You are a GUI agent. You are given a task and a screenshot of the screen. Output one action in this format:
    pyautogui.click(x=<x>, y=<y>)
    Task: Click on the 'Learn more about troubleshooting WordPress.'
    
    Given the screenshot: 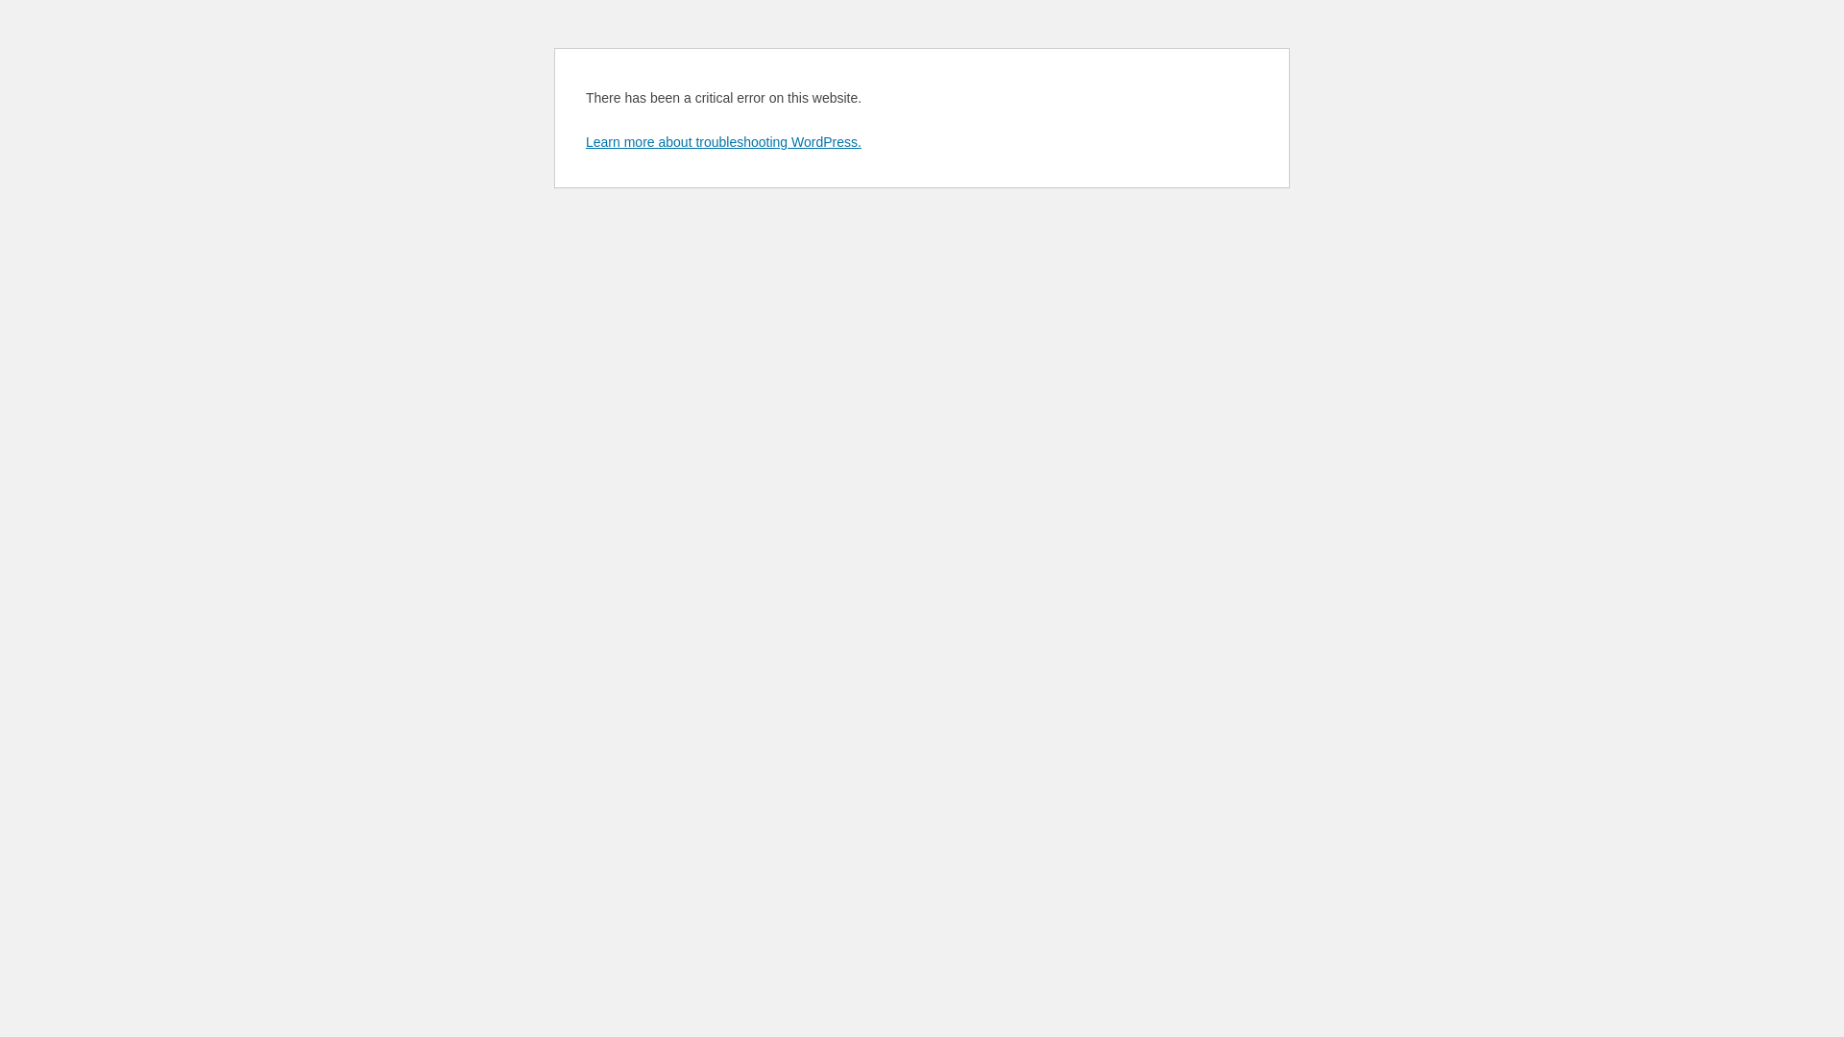 What is the action you would take?
    pyautogui.click(x=722, y=140)
    